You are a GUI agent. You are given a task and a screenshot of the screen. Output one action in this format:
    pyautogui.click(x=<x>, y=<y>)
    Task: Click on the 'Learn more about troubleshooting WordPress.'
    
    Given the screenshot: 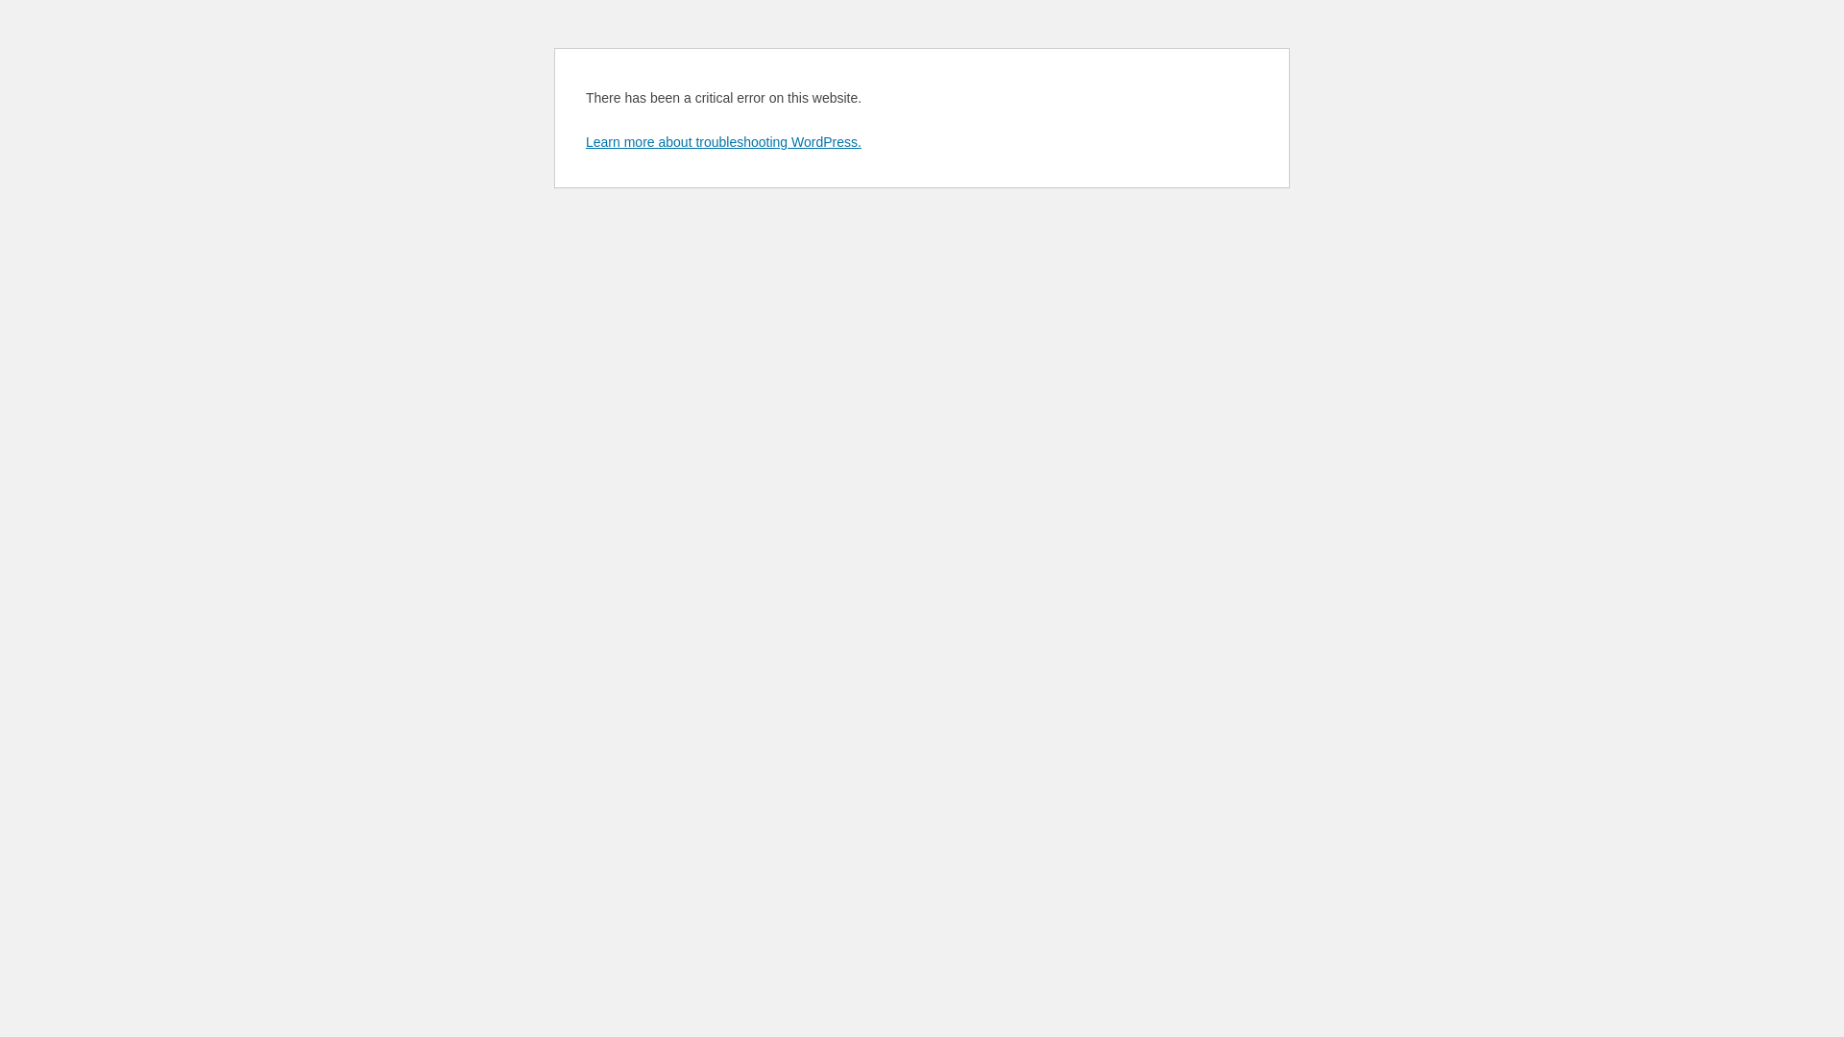 What is the action you would take?
    pyautogui.click(x=722, y=140)
    